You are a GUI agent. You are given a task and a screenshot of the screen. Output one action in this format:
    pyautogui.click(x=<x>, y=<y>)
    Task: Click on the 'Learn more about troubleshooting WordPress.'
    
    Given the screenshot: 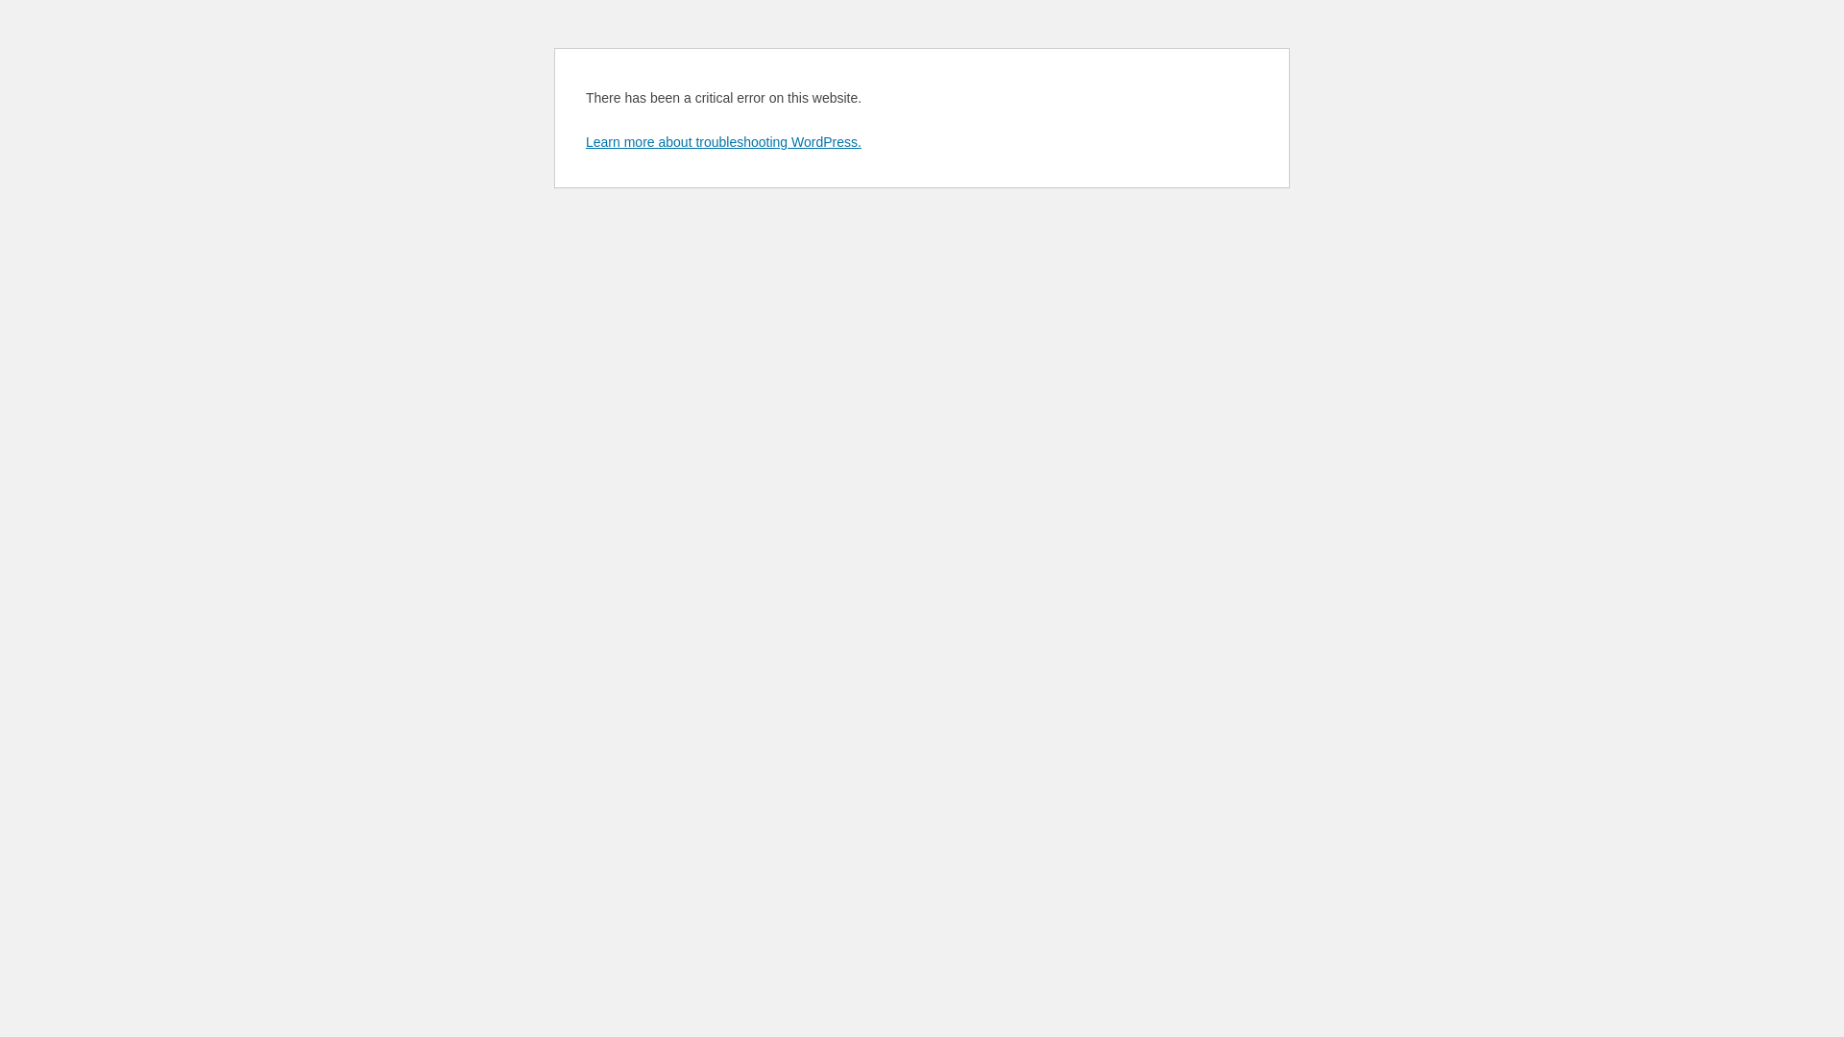 What is the action you would take?
    pyautogui.click(x=722, y=140)
    